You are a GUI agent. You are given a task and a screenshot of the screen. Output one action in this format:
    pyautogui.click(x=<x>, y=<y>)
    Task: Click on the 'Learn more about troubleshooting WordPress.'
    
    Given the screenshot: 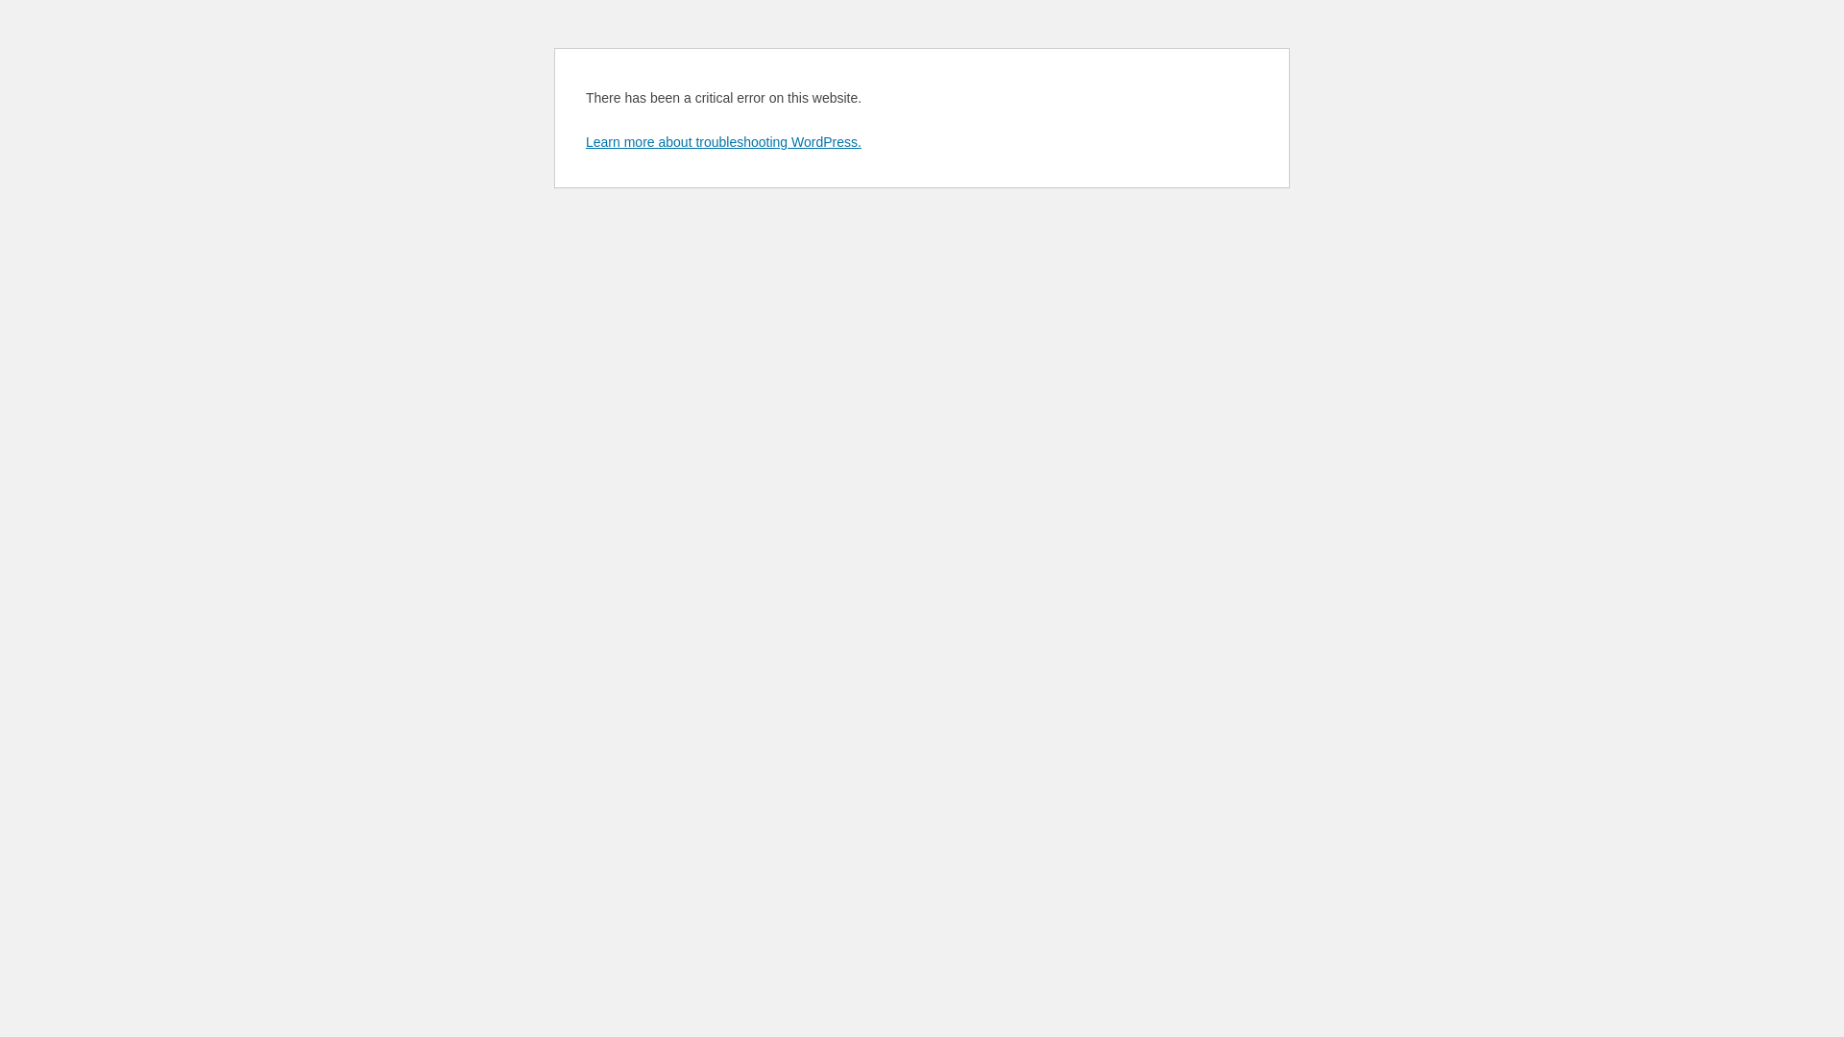 What is the action you would take?
    pyautogui.click(x=722, y=140)
    